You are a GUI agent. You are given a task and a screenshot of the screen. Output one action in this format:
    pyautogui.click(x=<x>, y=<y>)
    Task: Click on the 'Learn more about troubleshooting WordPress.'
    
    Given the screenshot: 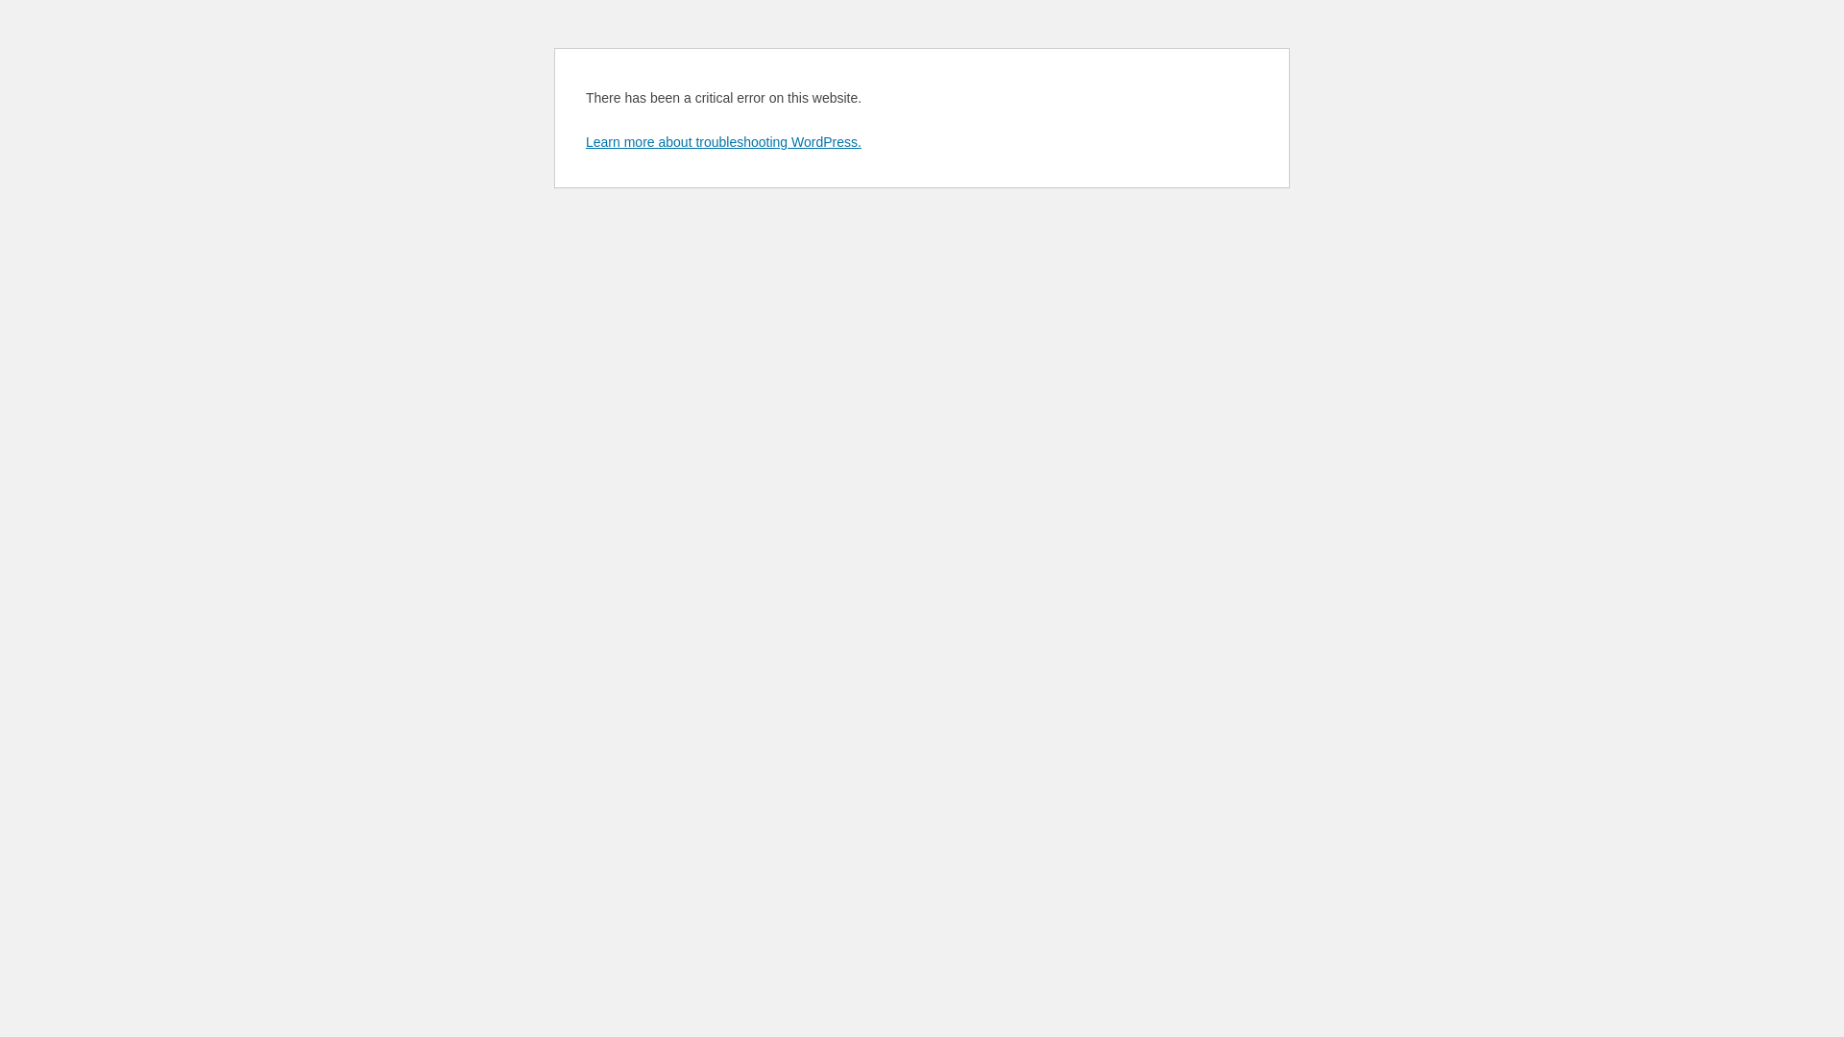 What is the action you would take?
    pyautogui.click(x=722, y=140)
    